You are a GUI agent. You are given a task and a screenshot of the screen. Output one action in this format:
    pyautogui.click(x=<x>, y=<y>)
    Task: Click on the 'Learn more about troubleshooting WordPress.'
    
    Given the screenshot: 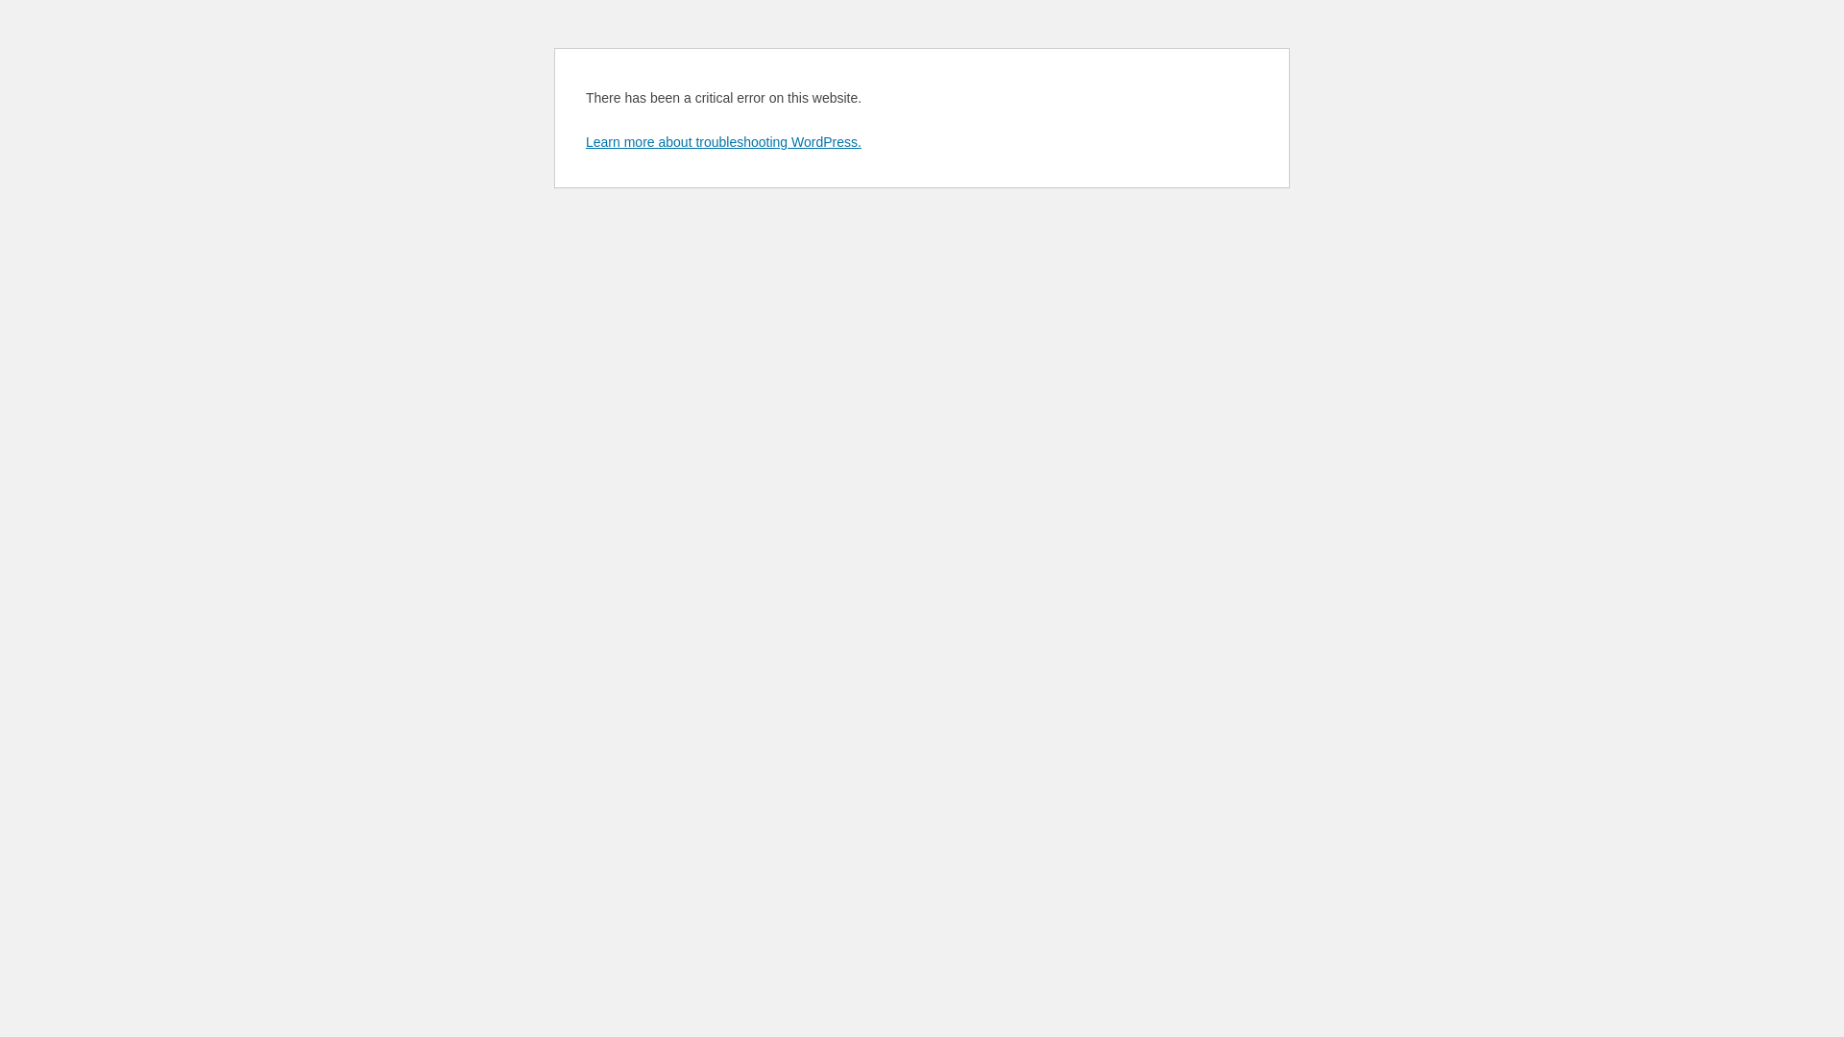 What is the action you would take?
    pyautogui.click(x=722, y=140)
    